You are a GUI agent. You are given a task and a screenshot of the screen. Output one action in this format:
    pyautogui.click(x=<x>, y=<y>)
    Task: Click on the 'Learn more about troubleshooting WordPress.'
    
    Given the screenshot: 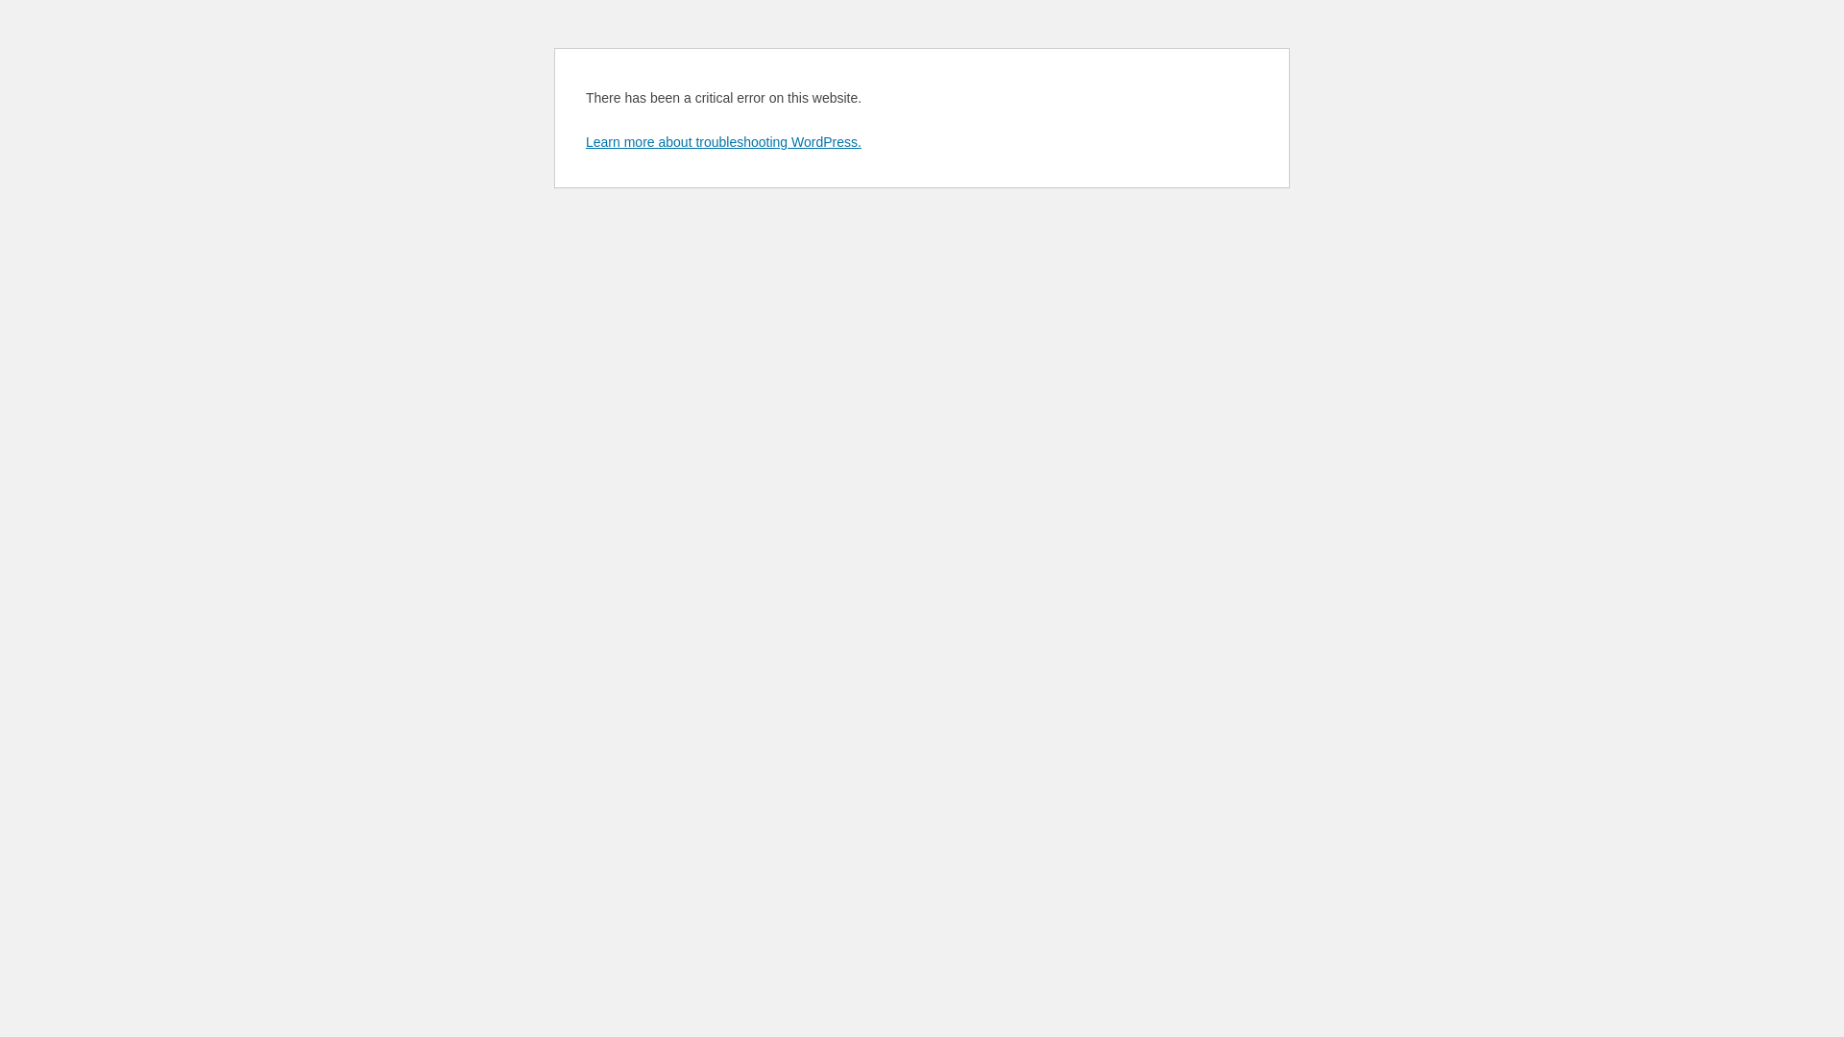 What is the action you would take?
    pyautogui.click(x=722, y=140)
    